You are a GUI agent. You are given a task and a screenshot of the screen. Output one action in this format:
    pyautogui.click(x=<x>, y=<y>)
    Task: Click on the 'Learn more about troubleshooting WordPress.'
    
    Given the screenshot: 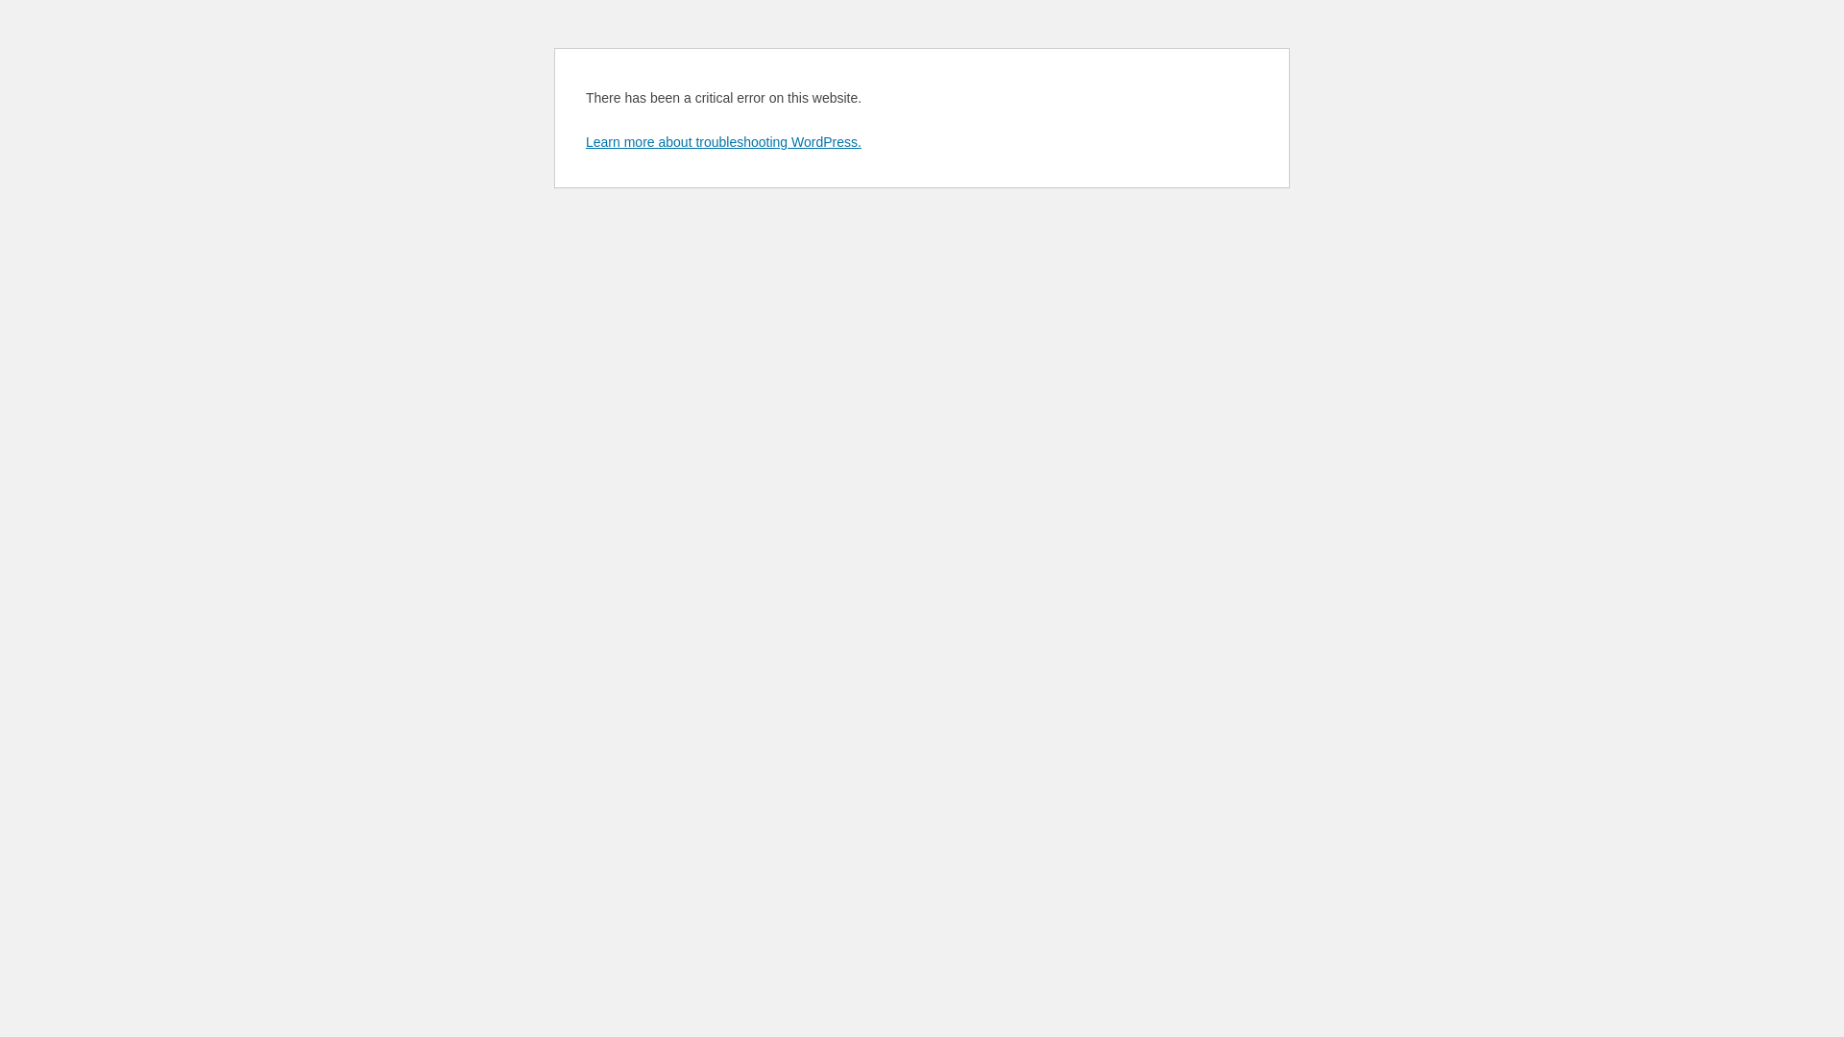 What is the action you would take?
    pyautogui.click(x=722, y=140)
    